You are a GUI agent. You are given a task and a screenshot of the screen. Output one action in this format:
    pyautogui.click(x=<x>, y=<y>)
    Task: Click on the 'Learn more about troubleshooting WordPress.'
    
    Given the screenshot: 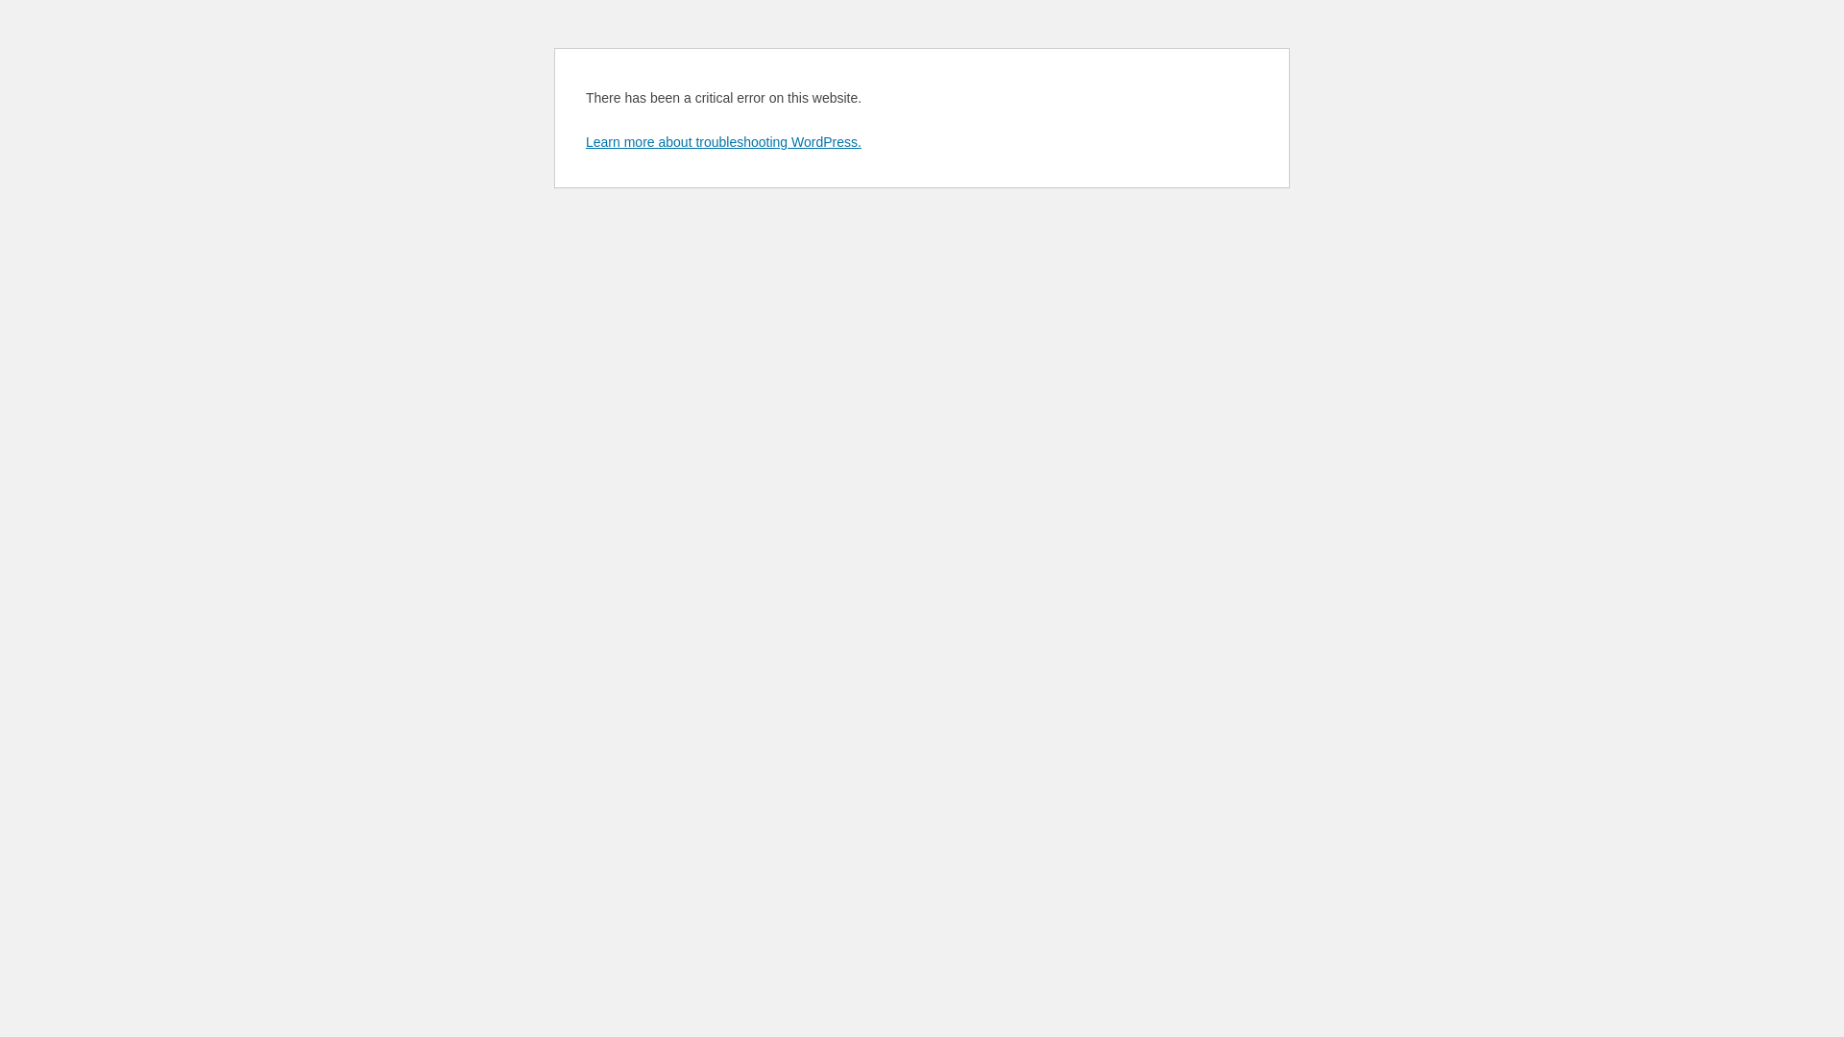 What is the action you would take?
    pyautogui.click(x=722, y=140)
    